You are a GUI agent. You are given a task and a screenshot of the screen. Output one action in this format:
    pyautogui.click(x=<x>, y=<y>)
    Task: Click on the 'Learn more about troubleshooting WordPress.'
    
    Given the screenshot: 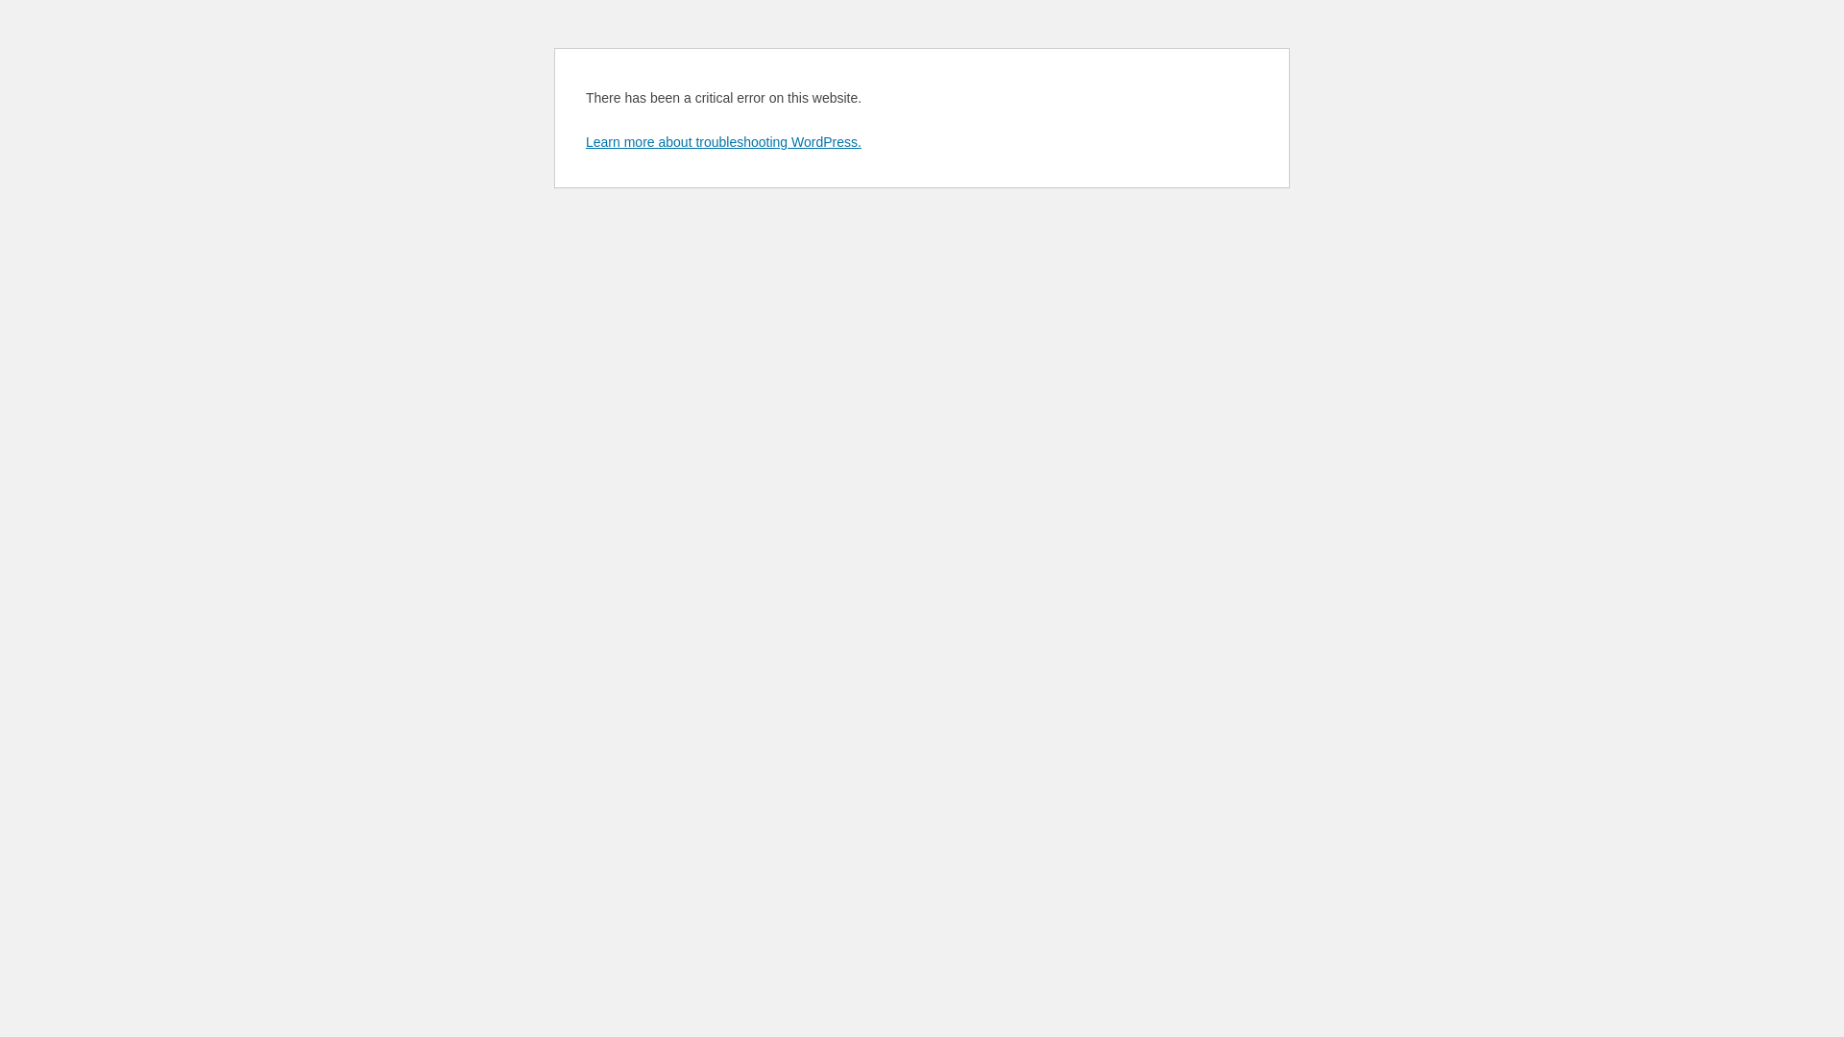 What is the action you would take?
    pyautogui.click(x=722, y=140)
    